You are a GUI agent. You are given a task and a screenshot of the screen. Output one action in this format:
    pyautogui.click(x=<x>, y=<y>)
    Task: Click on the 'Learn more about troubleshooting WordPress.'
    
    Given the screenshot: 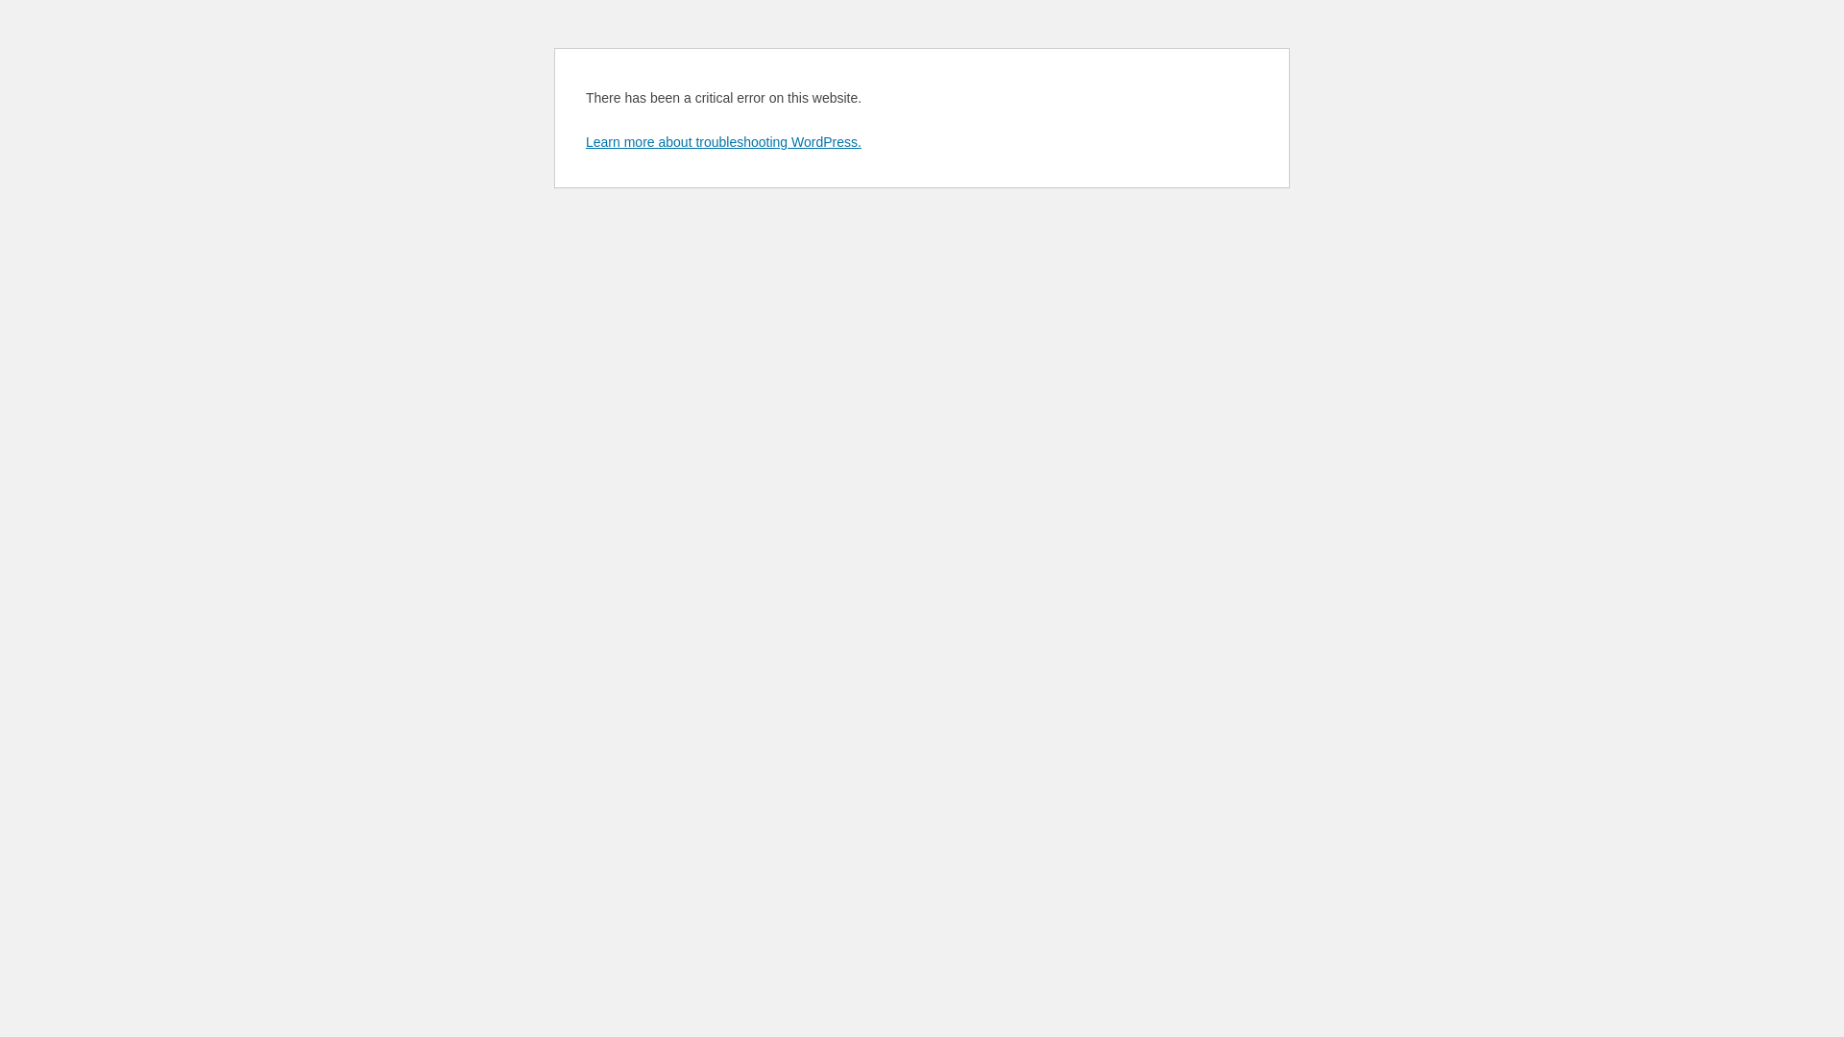 What is the action you would take?
    pyautogui.click(x=722, y=140)
    